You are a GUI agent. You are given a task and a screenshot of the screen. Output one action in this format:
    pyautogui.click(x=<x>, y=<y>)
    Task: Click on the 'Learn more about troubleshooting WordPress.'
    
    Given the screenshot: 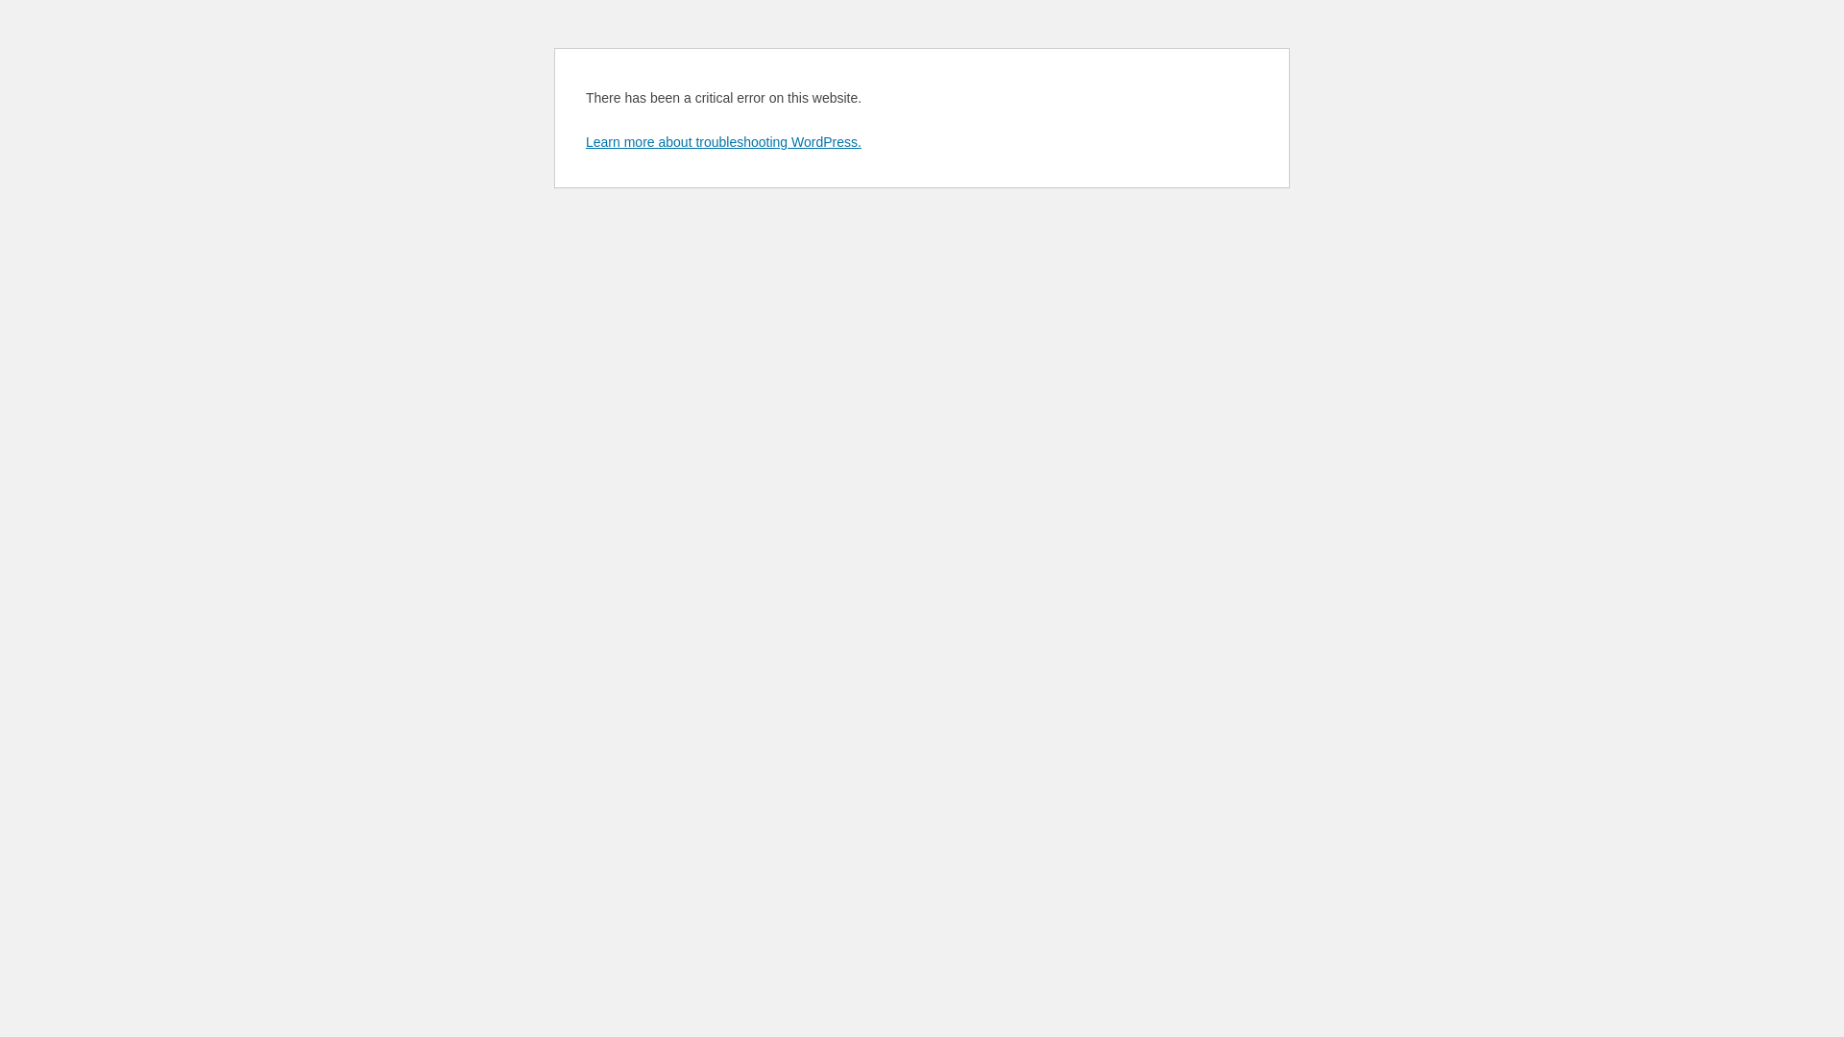 What is the action you would take?
    pyautogui.click(x=722, y=140)
    